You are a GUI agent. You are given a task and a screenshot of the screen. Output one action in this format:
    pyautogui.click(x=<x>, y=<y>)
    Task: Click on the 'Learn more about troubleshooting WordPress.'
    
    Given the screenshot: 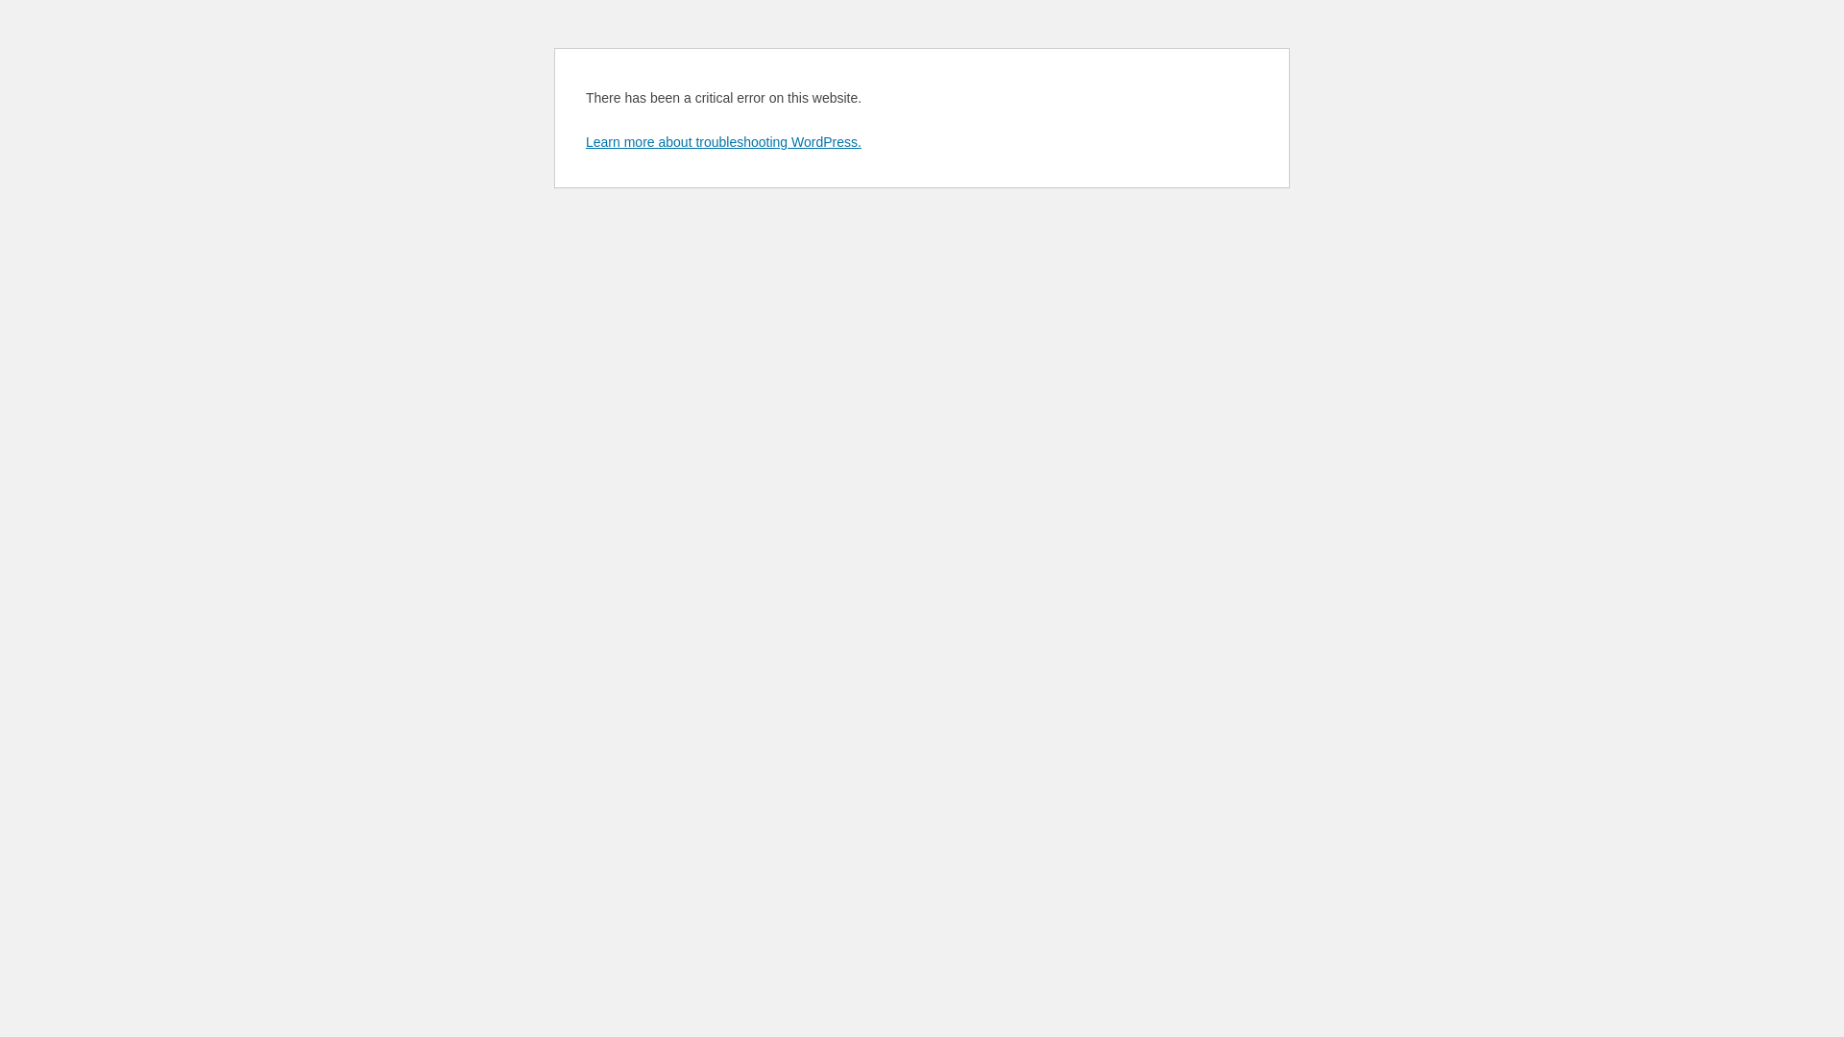 What is the action you would take?
    pyautogui.click(x=722, y=140)
    